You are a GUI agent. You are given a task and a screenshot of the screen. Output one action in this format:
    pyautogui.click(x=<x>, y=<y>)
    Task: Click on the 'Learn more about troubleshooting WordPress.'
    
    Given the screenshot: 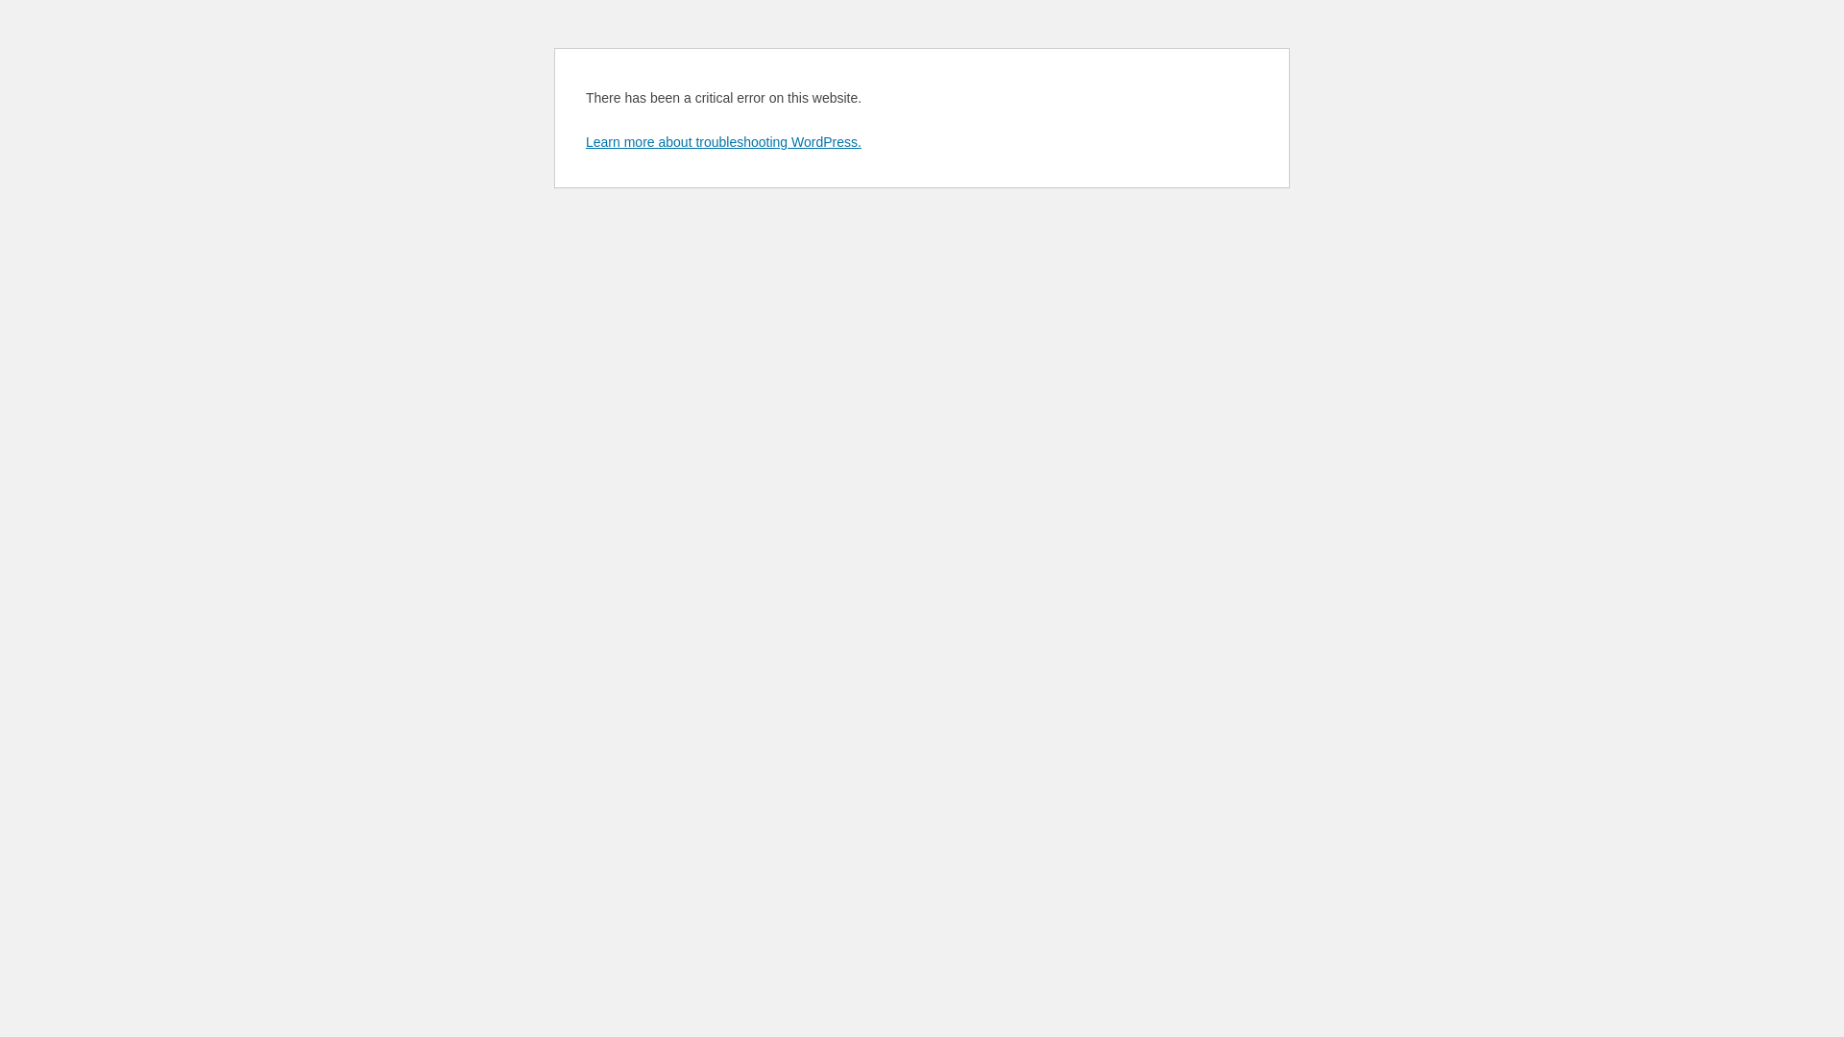 What is the action you would take?
    pyautogui.click(x=722, y=140)
    